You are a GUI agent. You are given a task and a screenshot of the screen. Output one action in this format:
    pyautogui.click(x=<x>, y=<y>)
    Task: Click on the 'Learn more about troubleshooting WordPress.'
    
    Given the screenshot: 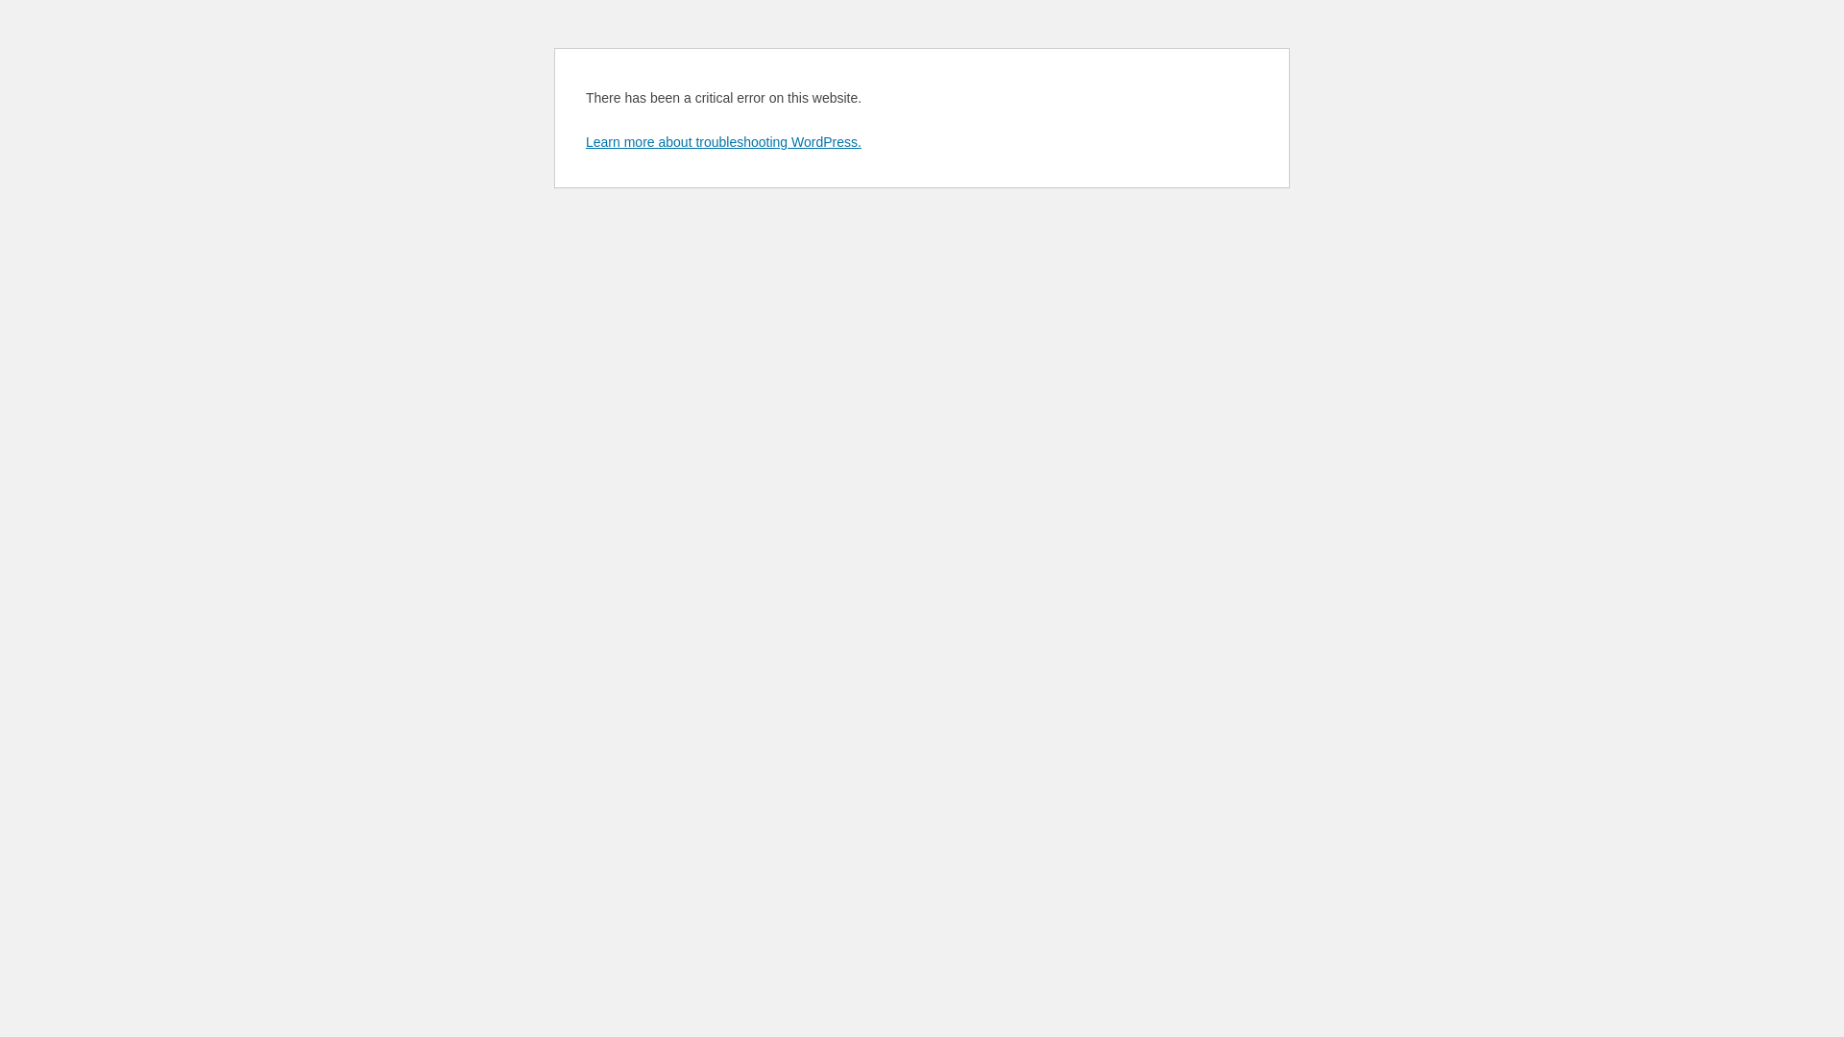 What is the action you would take?
    pyautogui.click(x=722, y=140)
    